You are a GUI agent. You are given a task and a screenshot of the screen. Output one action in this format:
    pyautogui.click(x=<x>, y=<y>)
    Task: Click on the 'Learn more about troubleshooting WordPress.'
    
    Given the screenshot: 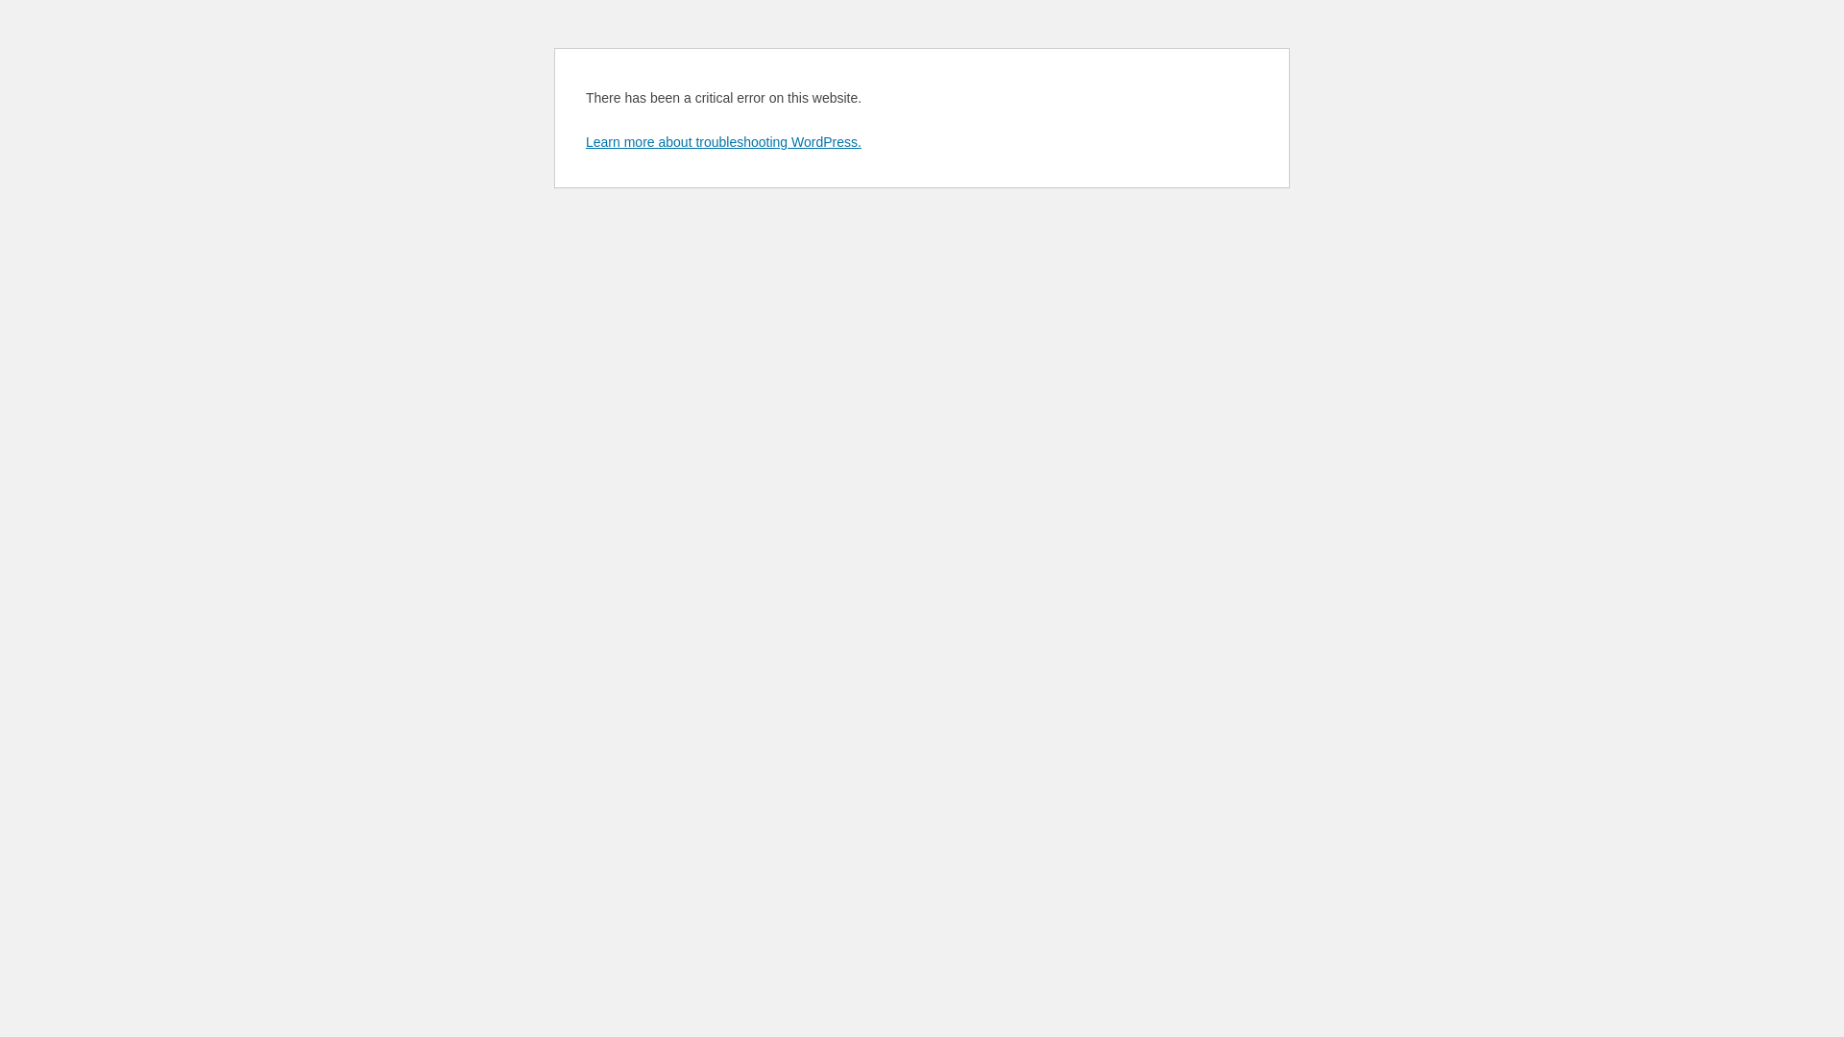 What is the action you would take?
    pyautogui.click(x=722, y=140)
    